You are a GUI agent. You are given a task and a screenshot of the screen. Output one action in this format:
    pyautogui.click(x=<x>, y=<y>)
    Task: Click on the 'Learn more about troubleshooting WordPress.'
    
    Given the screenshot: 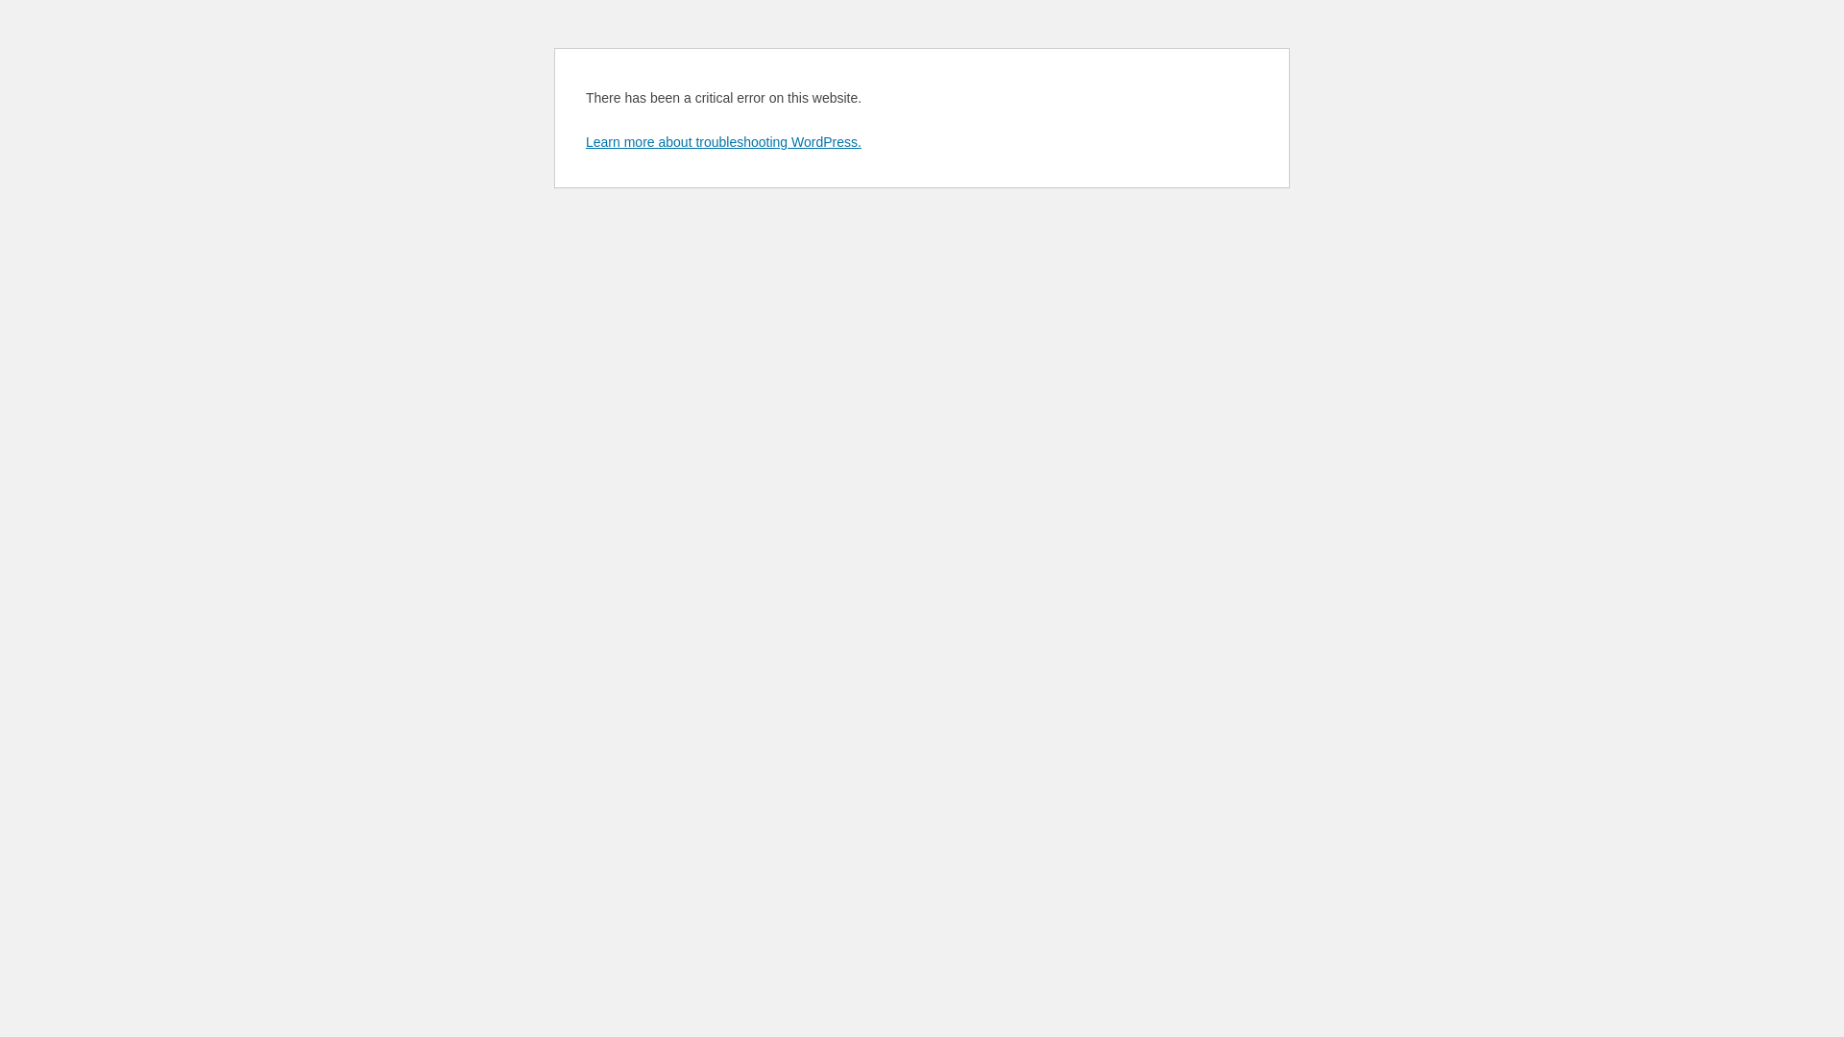 What is the action you would take?
    pyautogui.click(x=722, y=140)
    